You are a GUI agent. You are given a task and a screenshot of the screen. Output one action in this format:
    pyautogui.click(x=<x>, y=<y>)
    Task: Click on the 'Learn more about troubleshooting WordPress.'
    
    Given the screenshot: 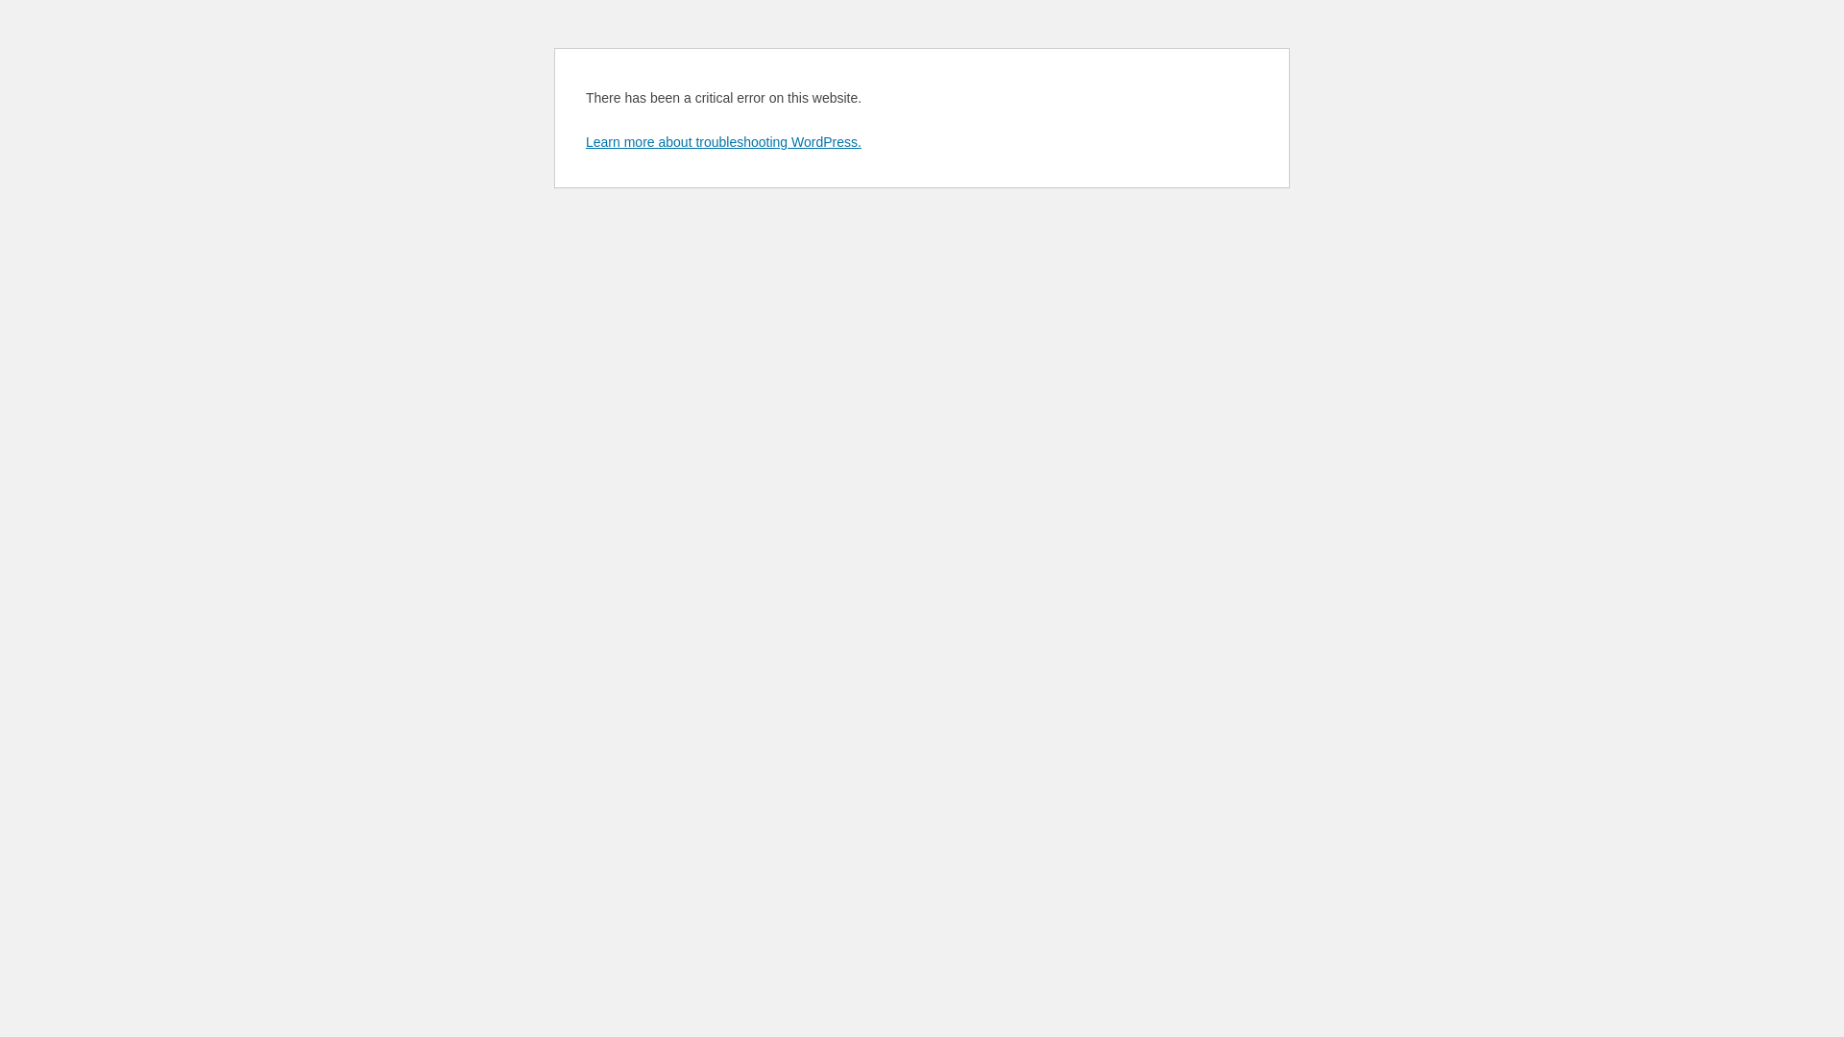 What is the action you would take?
    pyautogui.click(x=722, y=140)
    